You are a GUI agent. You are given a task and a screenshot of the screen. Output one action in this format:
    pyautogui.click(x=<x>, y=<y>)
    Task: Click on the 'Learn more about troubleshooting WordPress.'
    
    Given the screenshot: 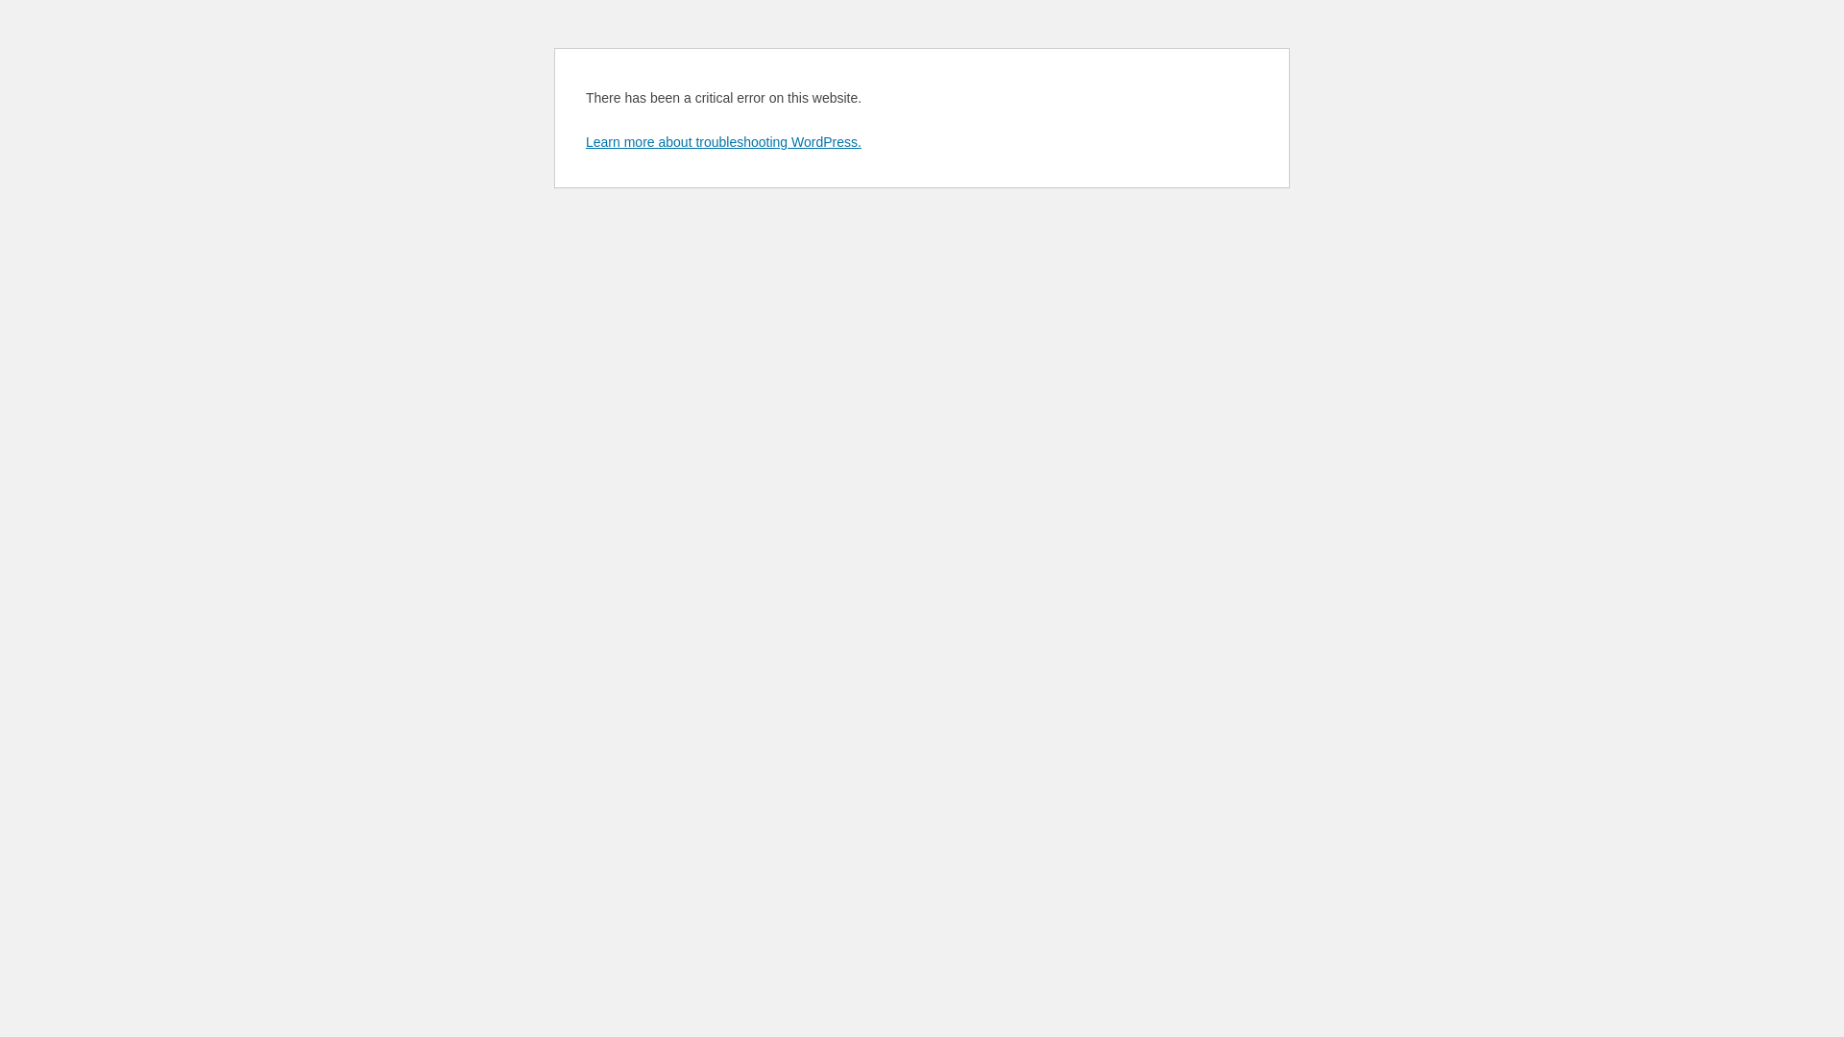 What is the action you would take?
    pyautogui.click(x=722, y=140)
    